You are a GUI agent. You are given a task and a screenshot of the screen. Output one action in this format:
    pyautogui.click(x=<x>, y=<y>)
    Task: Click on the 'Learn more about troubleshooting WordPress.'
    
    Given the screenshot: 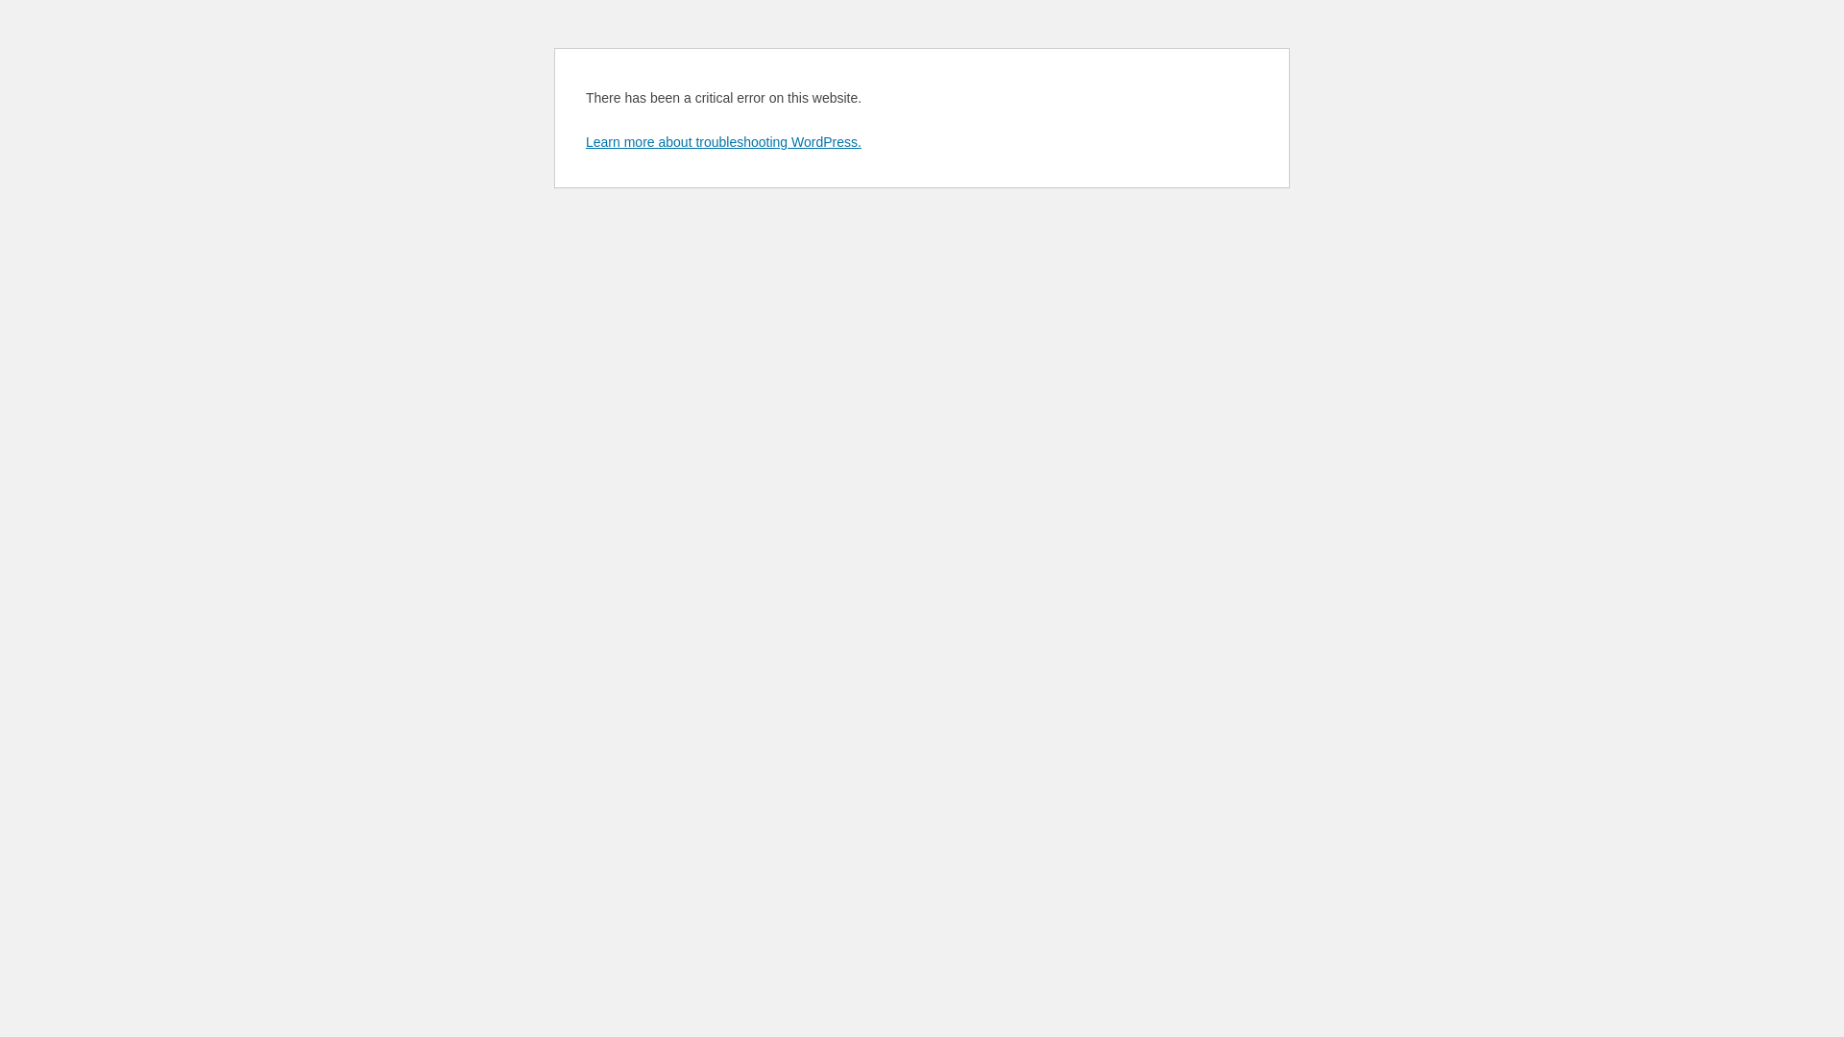 What is the action you would take?
    pyautogui.click(x=722, y=140)
    